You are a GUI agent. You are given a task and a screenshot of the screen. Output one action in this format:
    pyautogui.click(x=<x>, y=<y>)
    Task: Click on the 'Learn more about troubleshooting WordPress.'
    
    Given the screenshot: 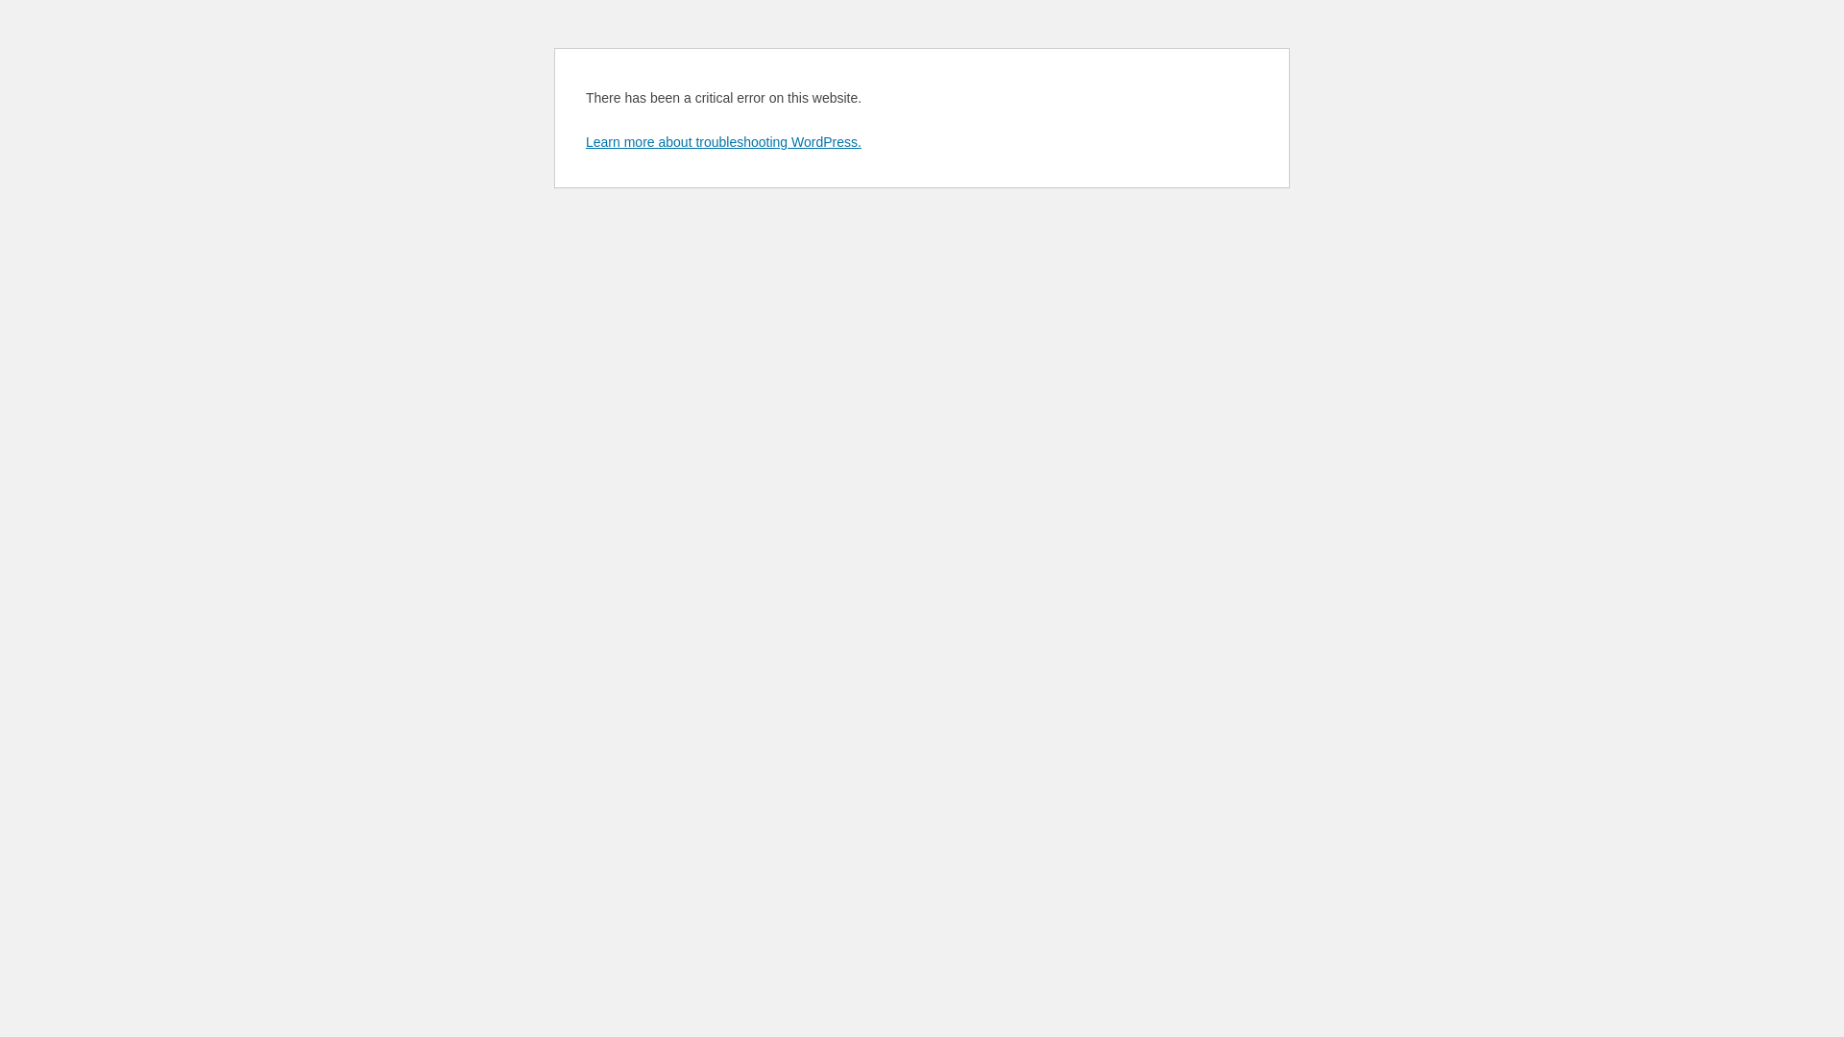 What is the action you would take?
    pyautogui.click(x=722, y=140)
    